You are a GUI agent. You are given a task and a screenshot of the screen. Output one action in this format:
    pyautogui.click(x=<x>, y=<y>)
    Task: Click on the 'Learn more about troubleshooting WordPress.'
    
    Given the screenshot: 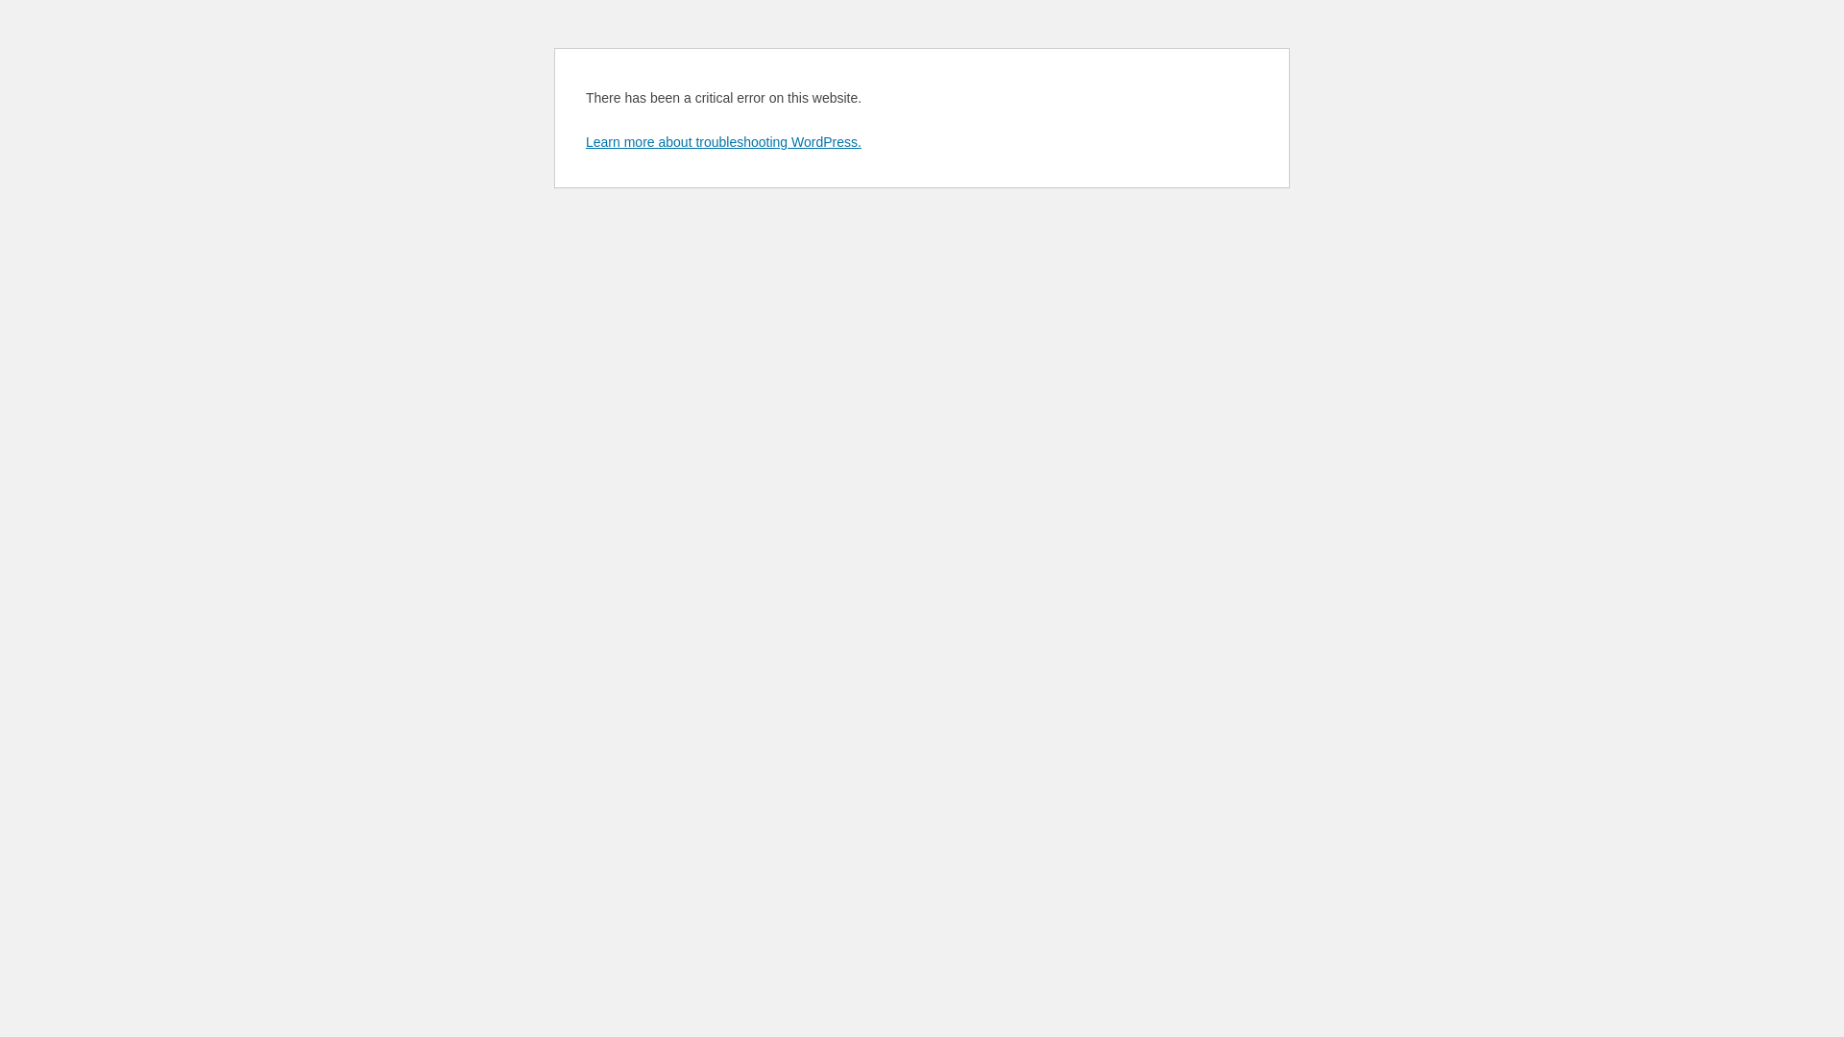 What is the action you would take?
    pyautogui.click(x=722, y=140)
    